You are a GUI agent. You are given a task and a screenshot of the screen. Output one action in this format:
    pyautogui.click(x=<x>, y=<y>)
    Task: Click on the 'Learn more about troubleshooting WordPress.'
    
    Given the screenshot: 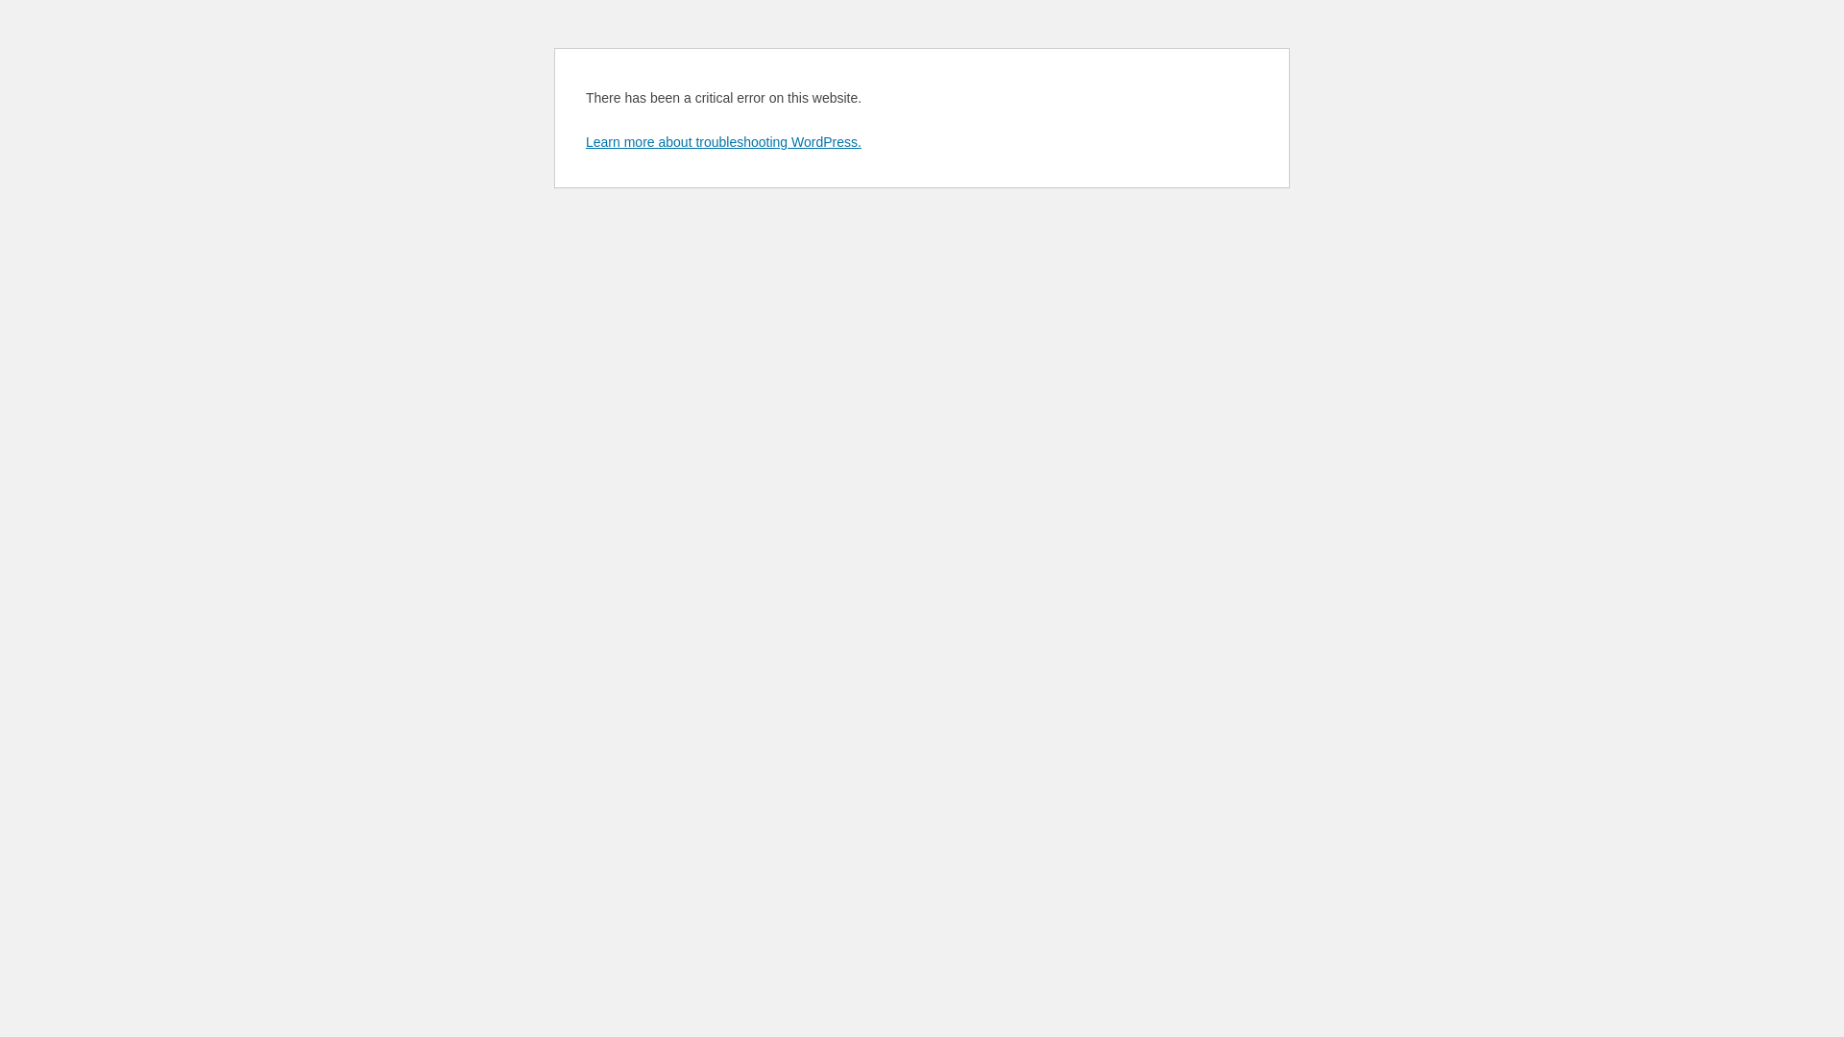 What is the action you would take?
    pyautogui.click(x=722, y=140)
    